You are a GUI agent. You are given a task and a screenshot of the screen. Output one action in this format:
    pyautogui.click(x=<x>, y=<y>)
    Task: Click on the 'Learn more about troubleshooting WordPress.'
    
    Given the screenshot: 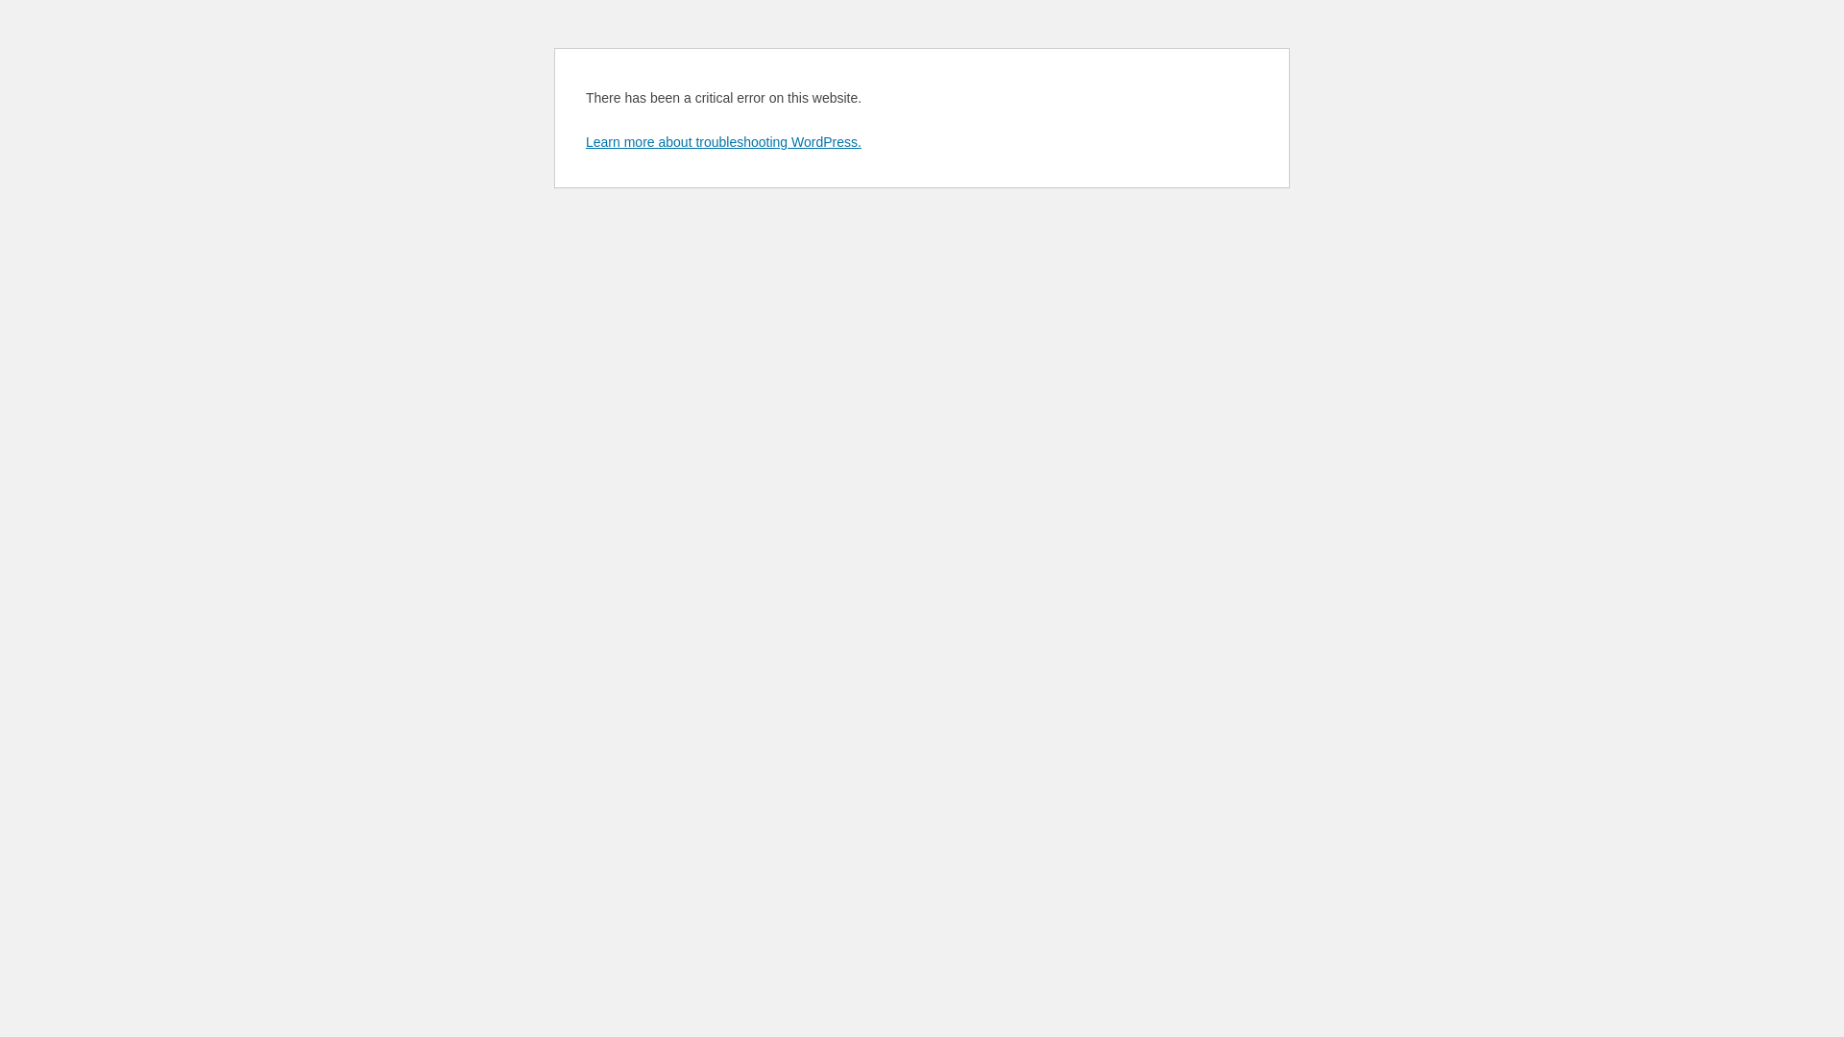 What is the action you would take?
    pyautogui.click(x=722, y=140)
    